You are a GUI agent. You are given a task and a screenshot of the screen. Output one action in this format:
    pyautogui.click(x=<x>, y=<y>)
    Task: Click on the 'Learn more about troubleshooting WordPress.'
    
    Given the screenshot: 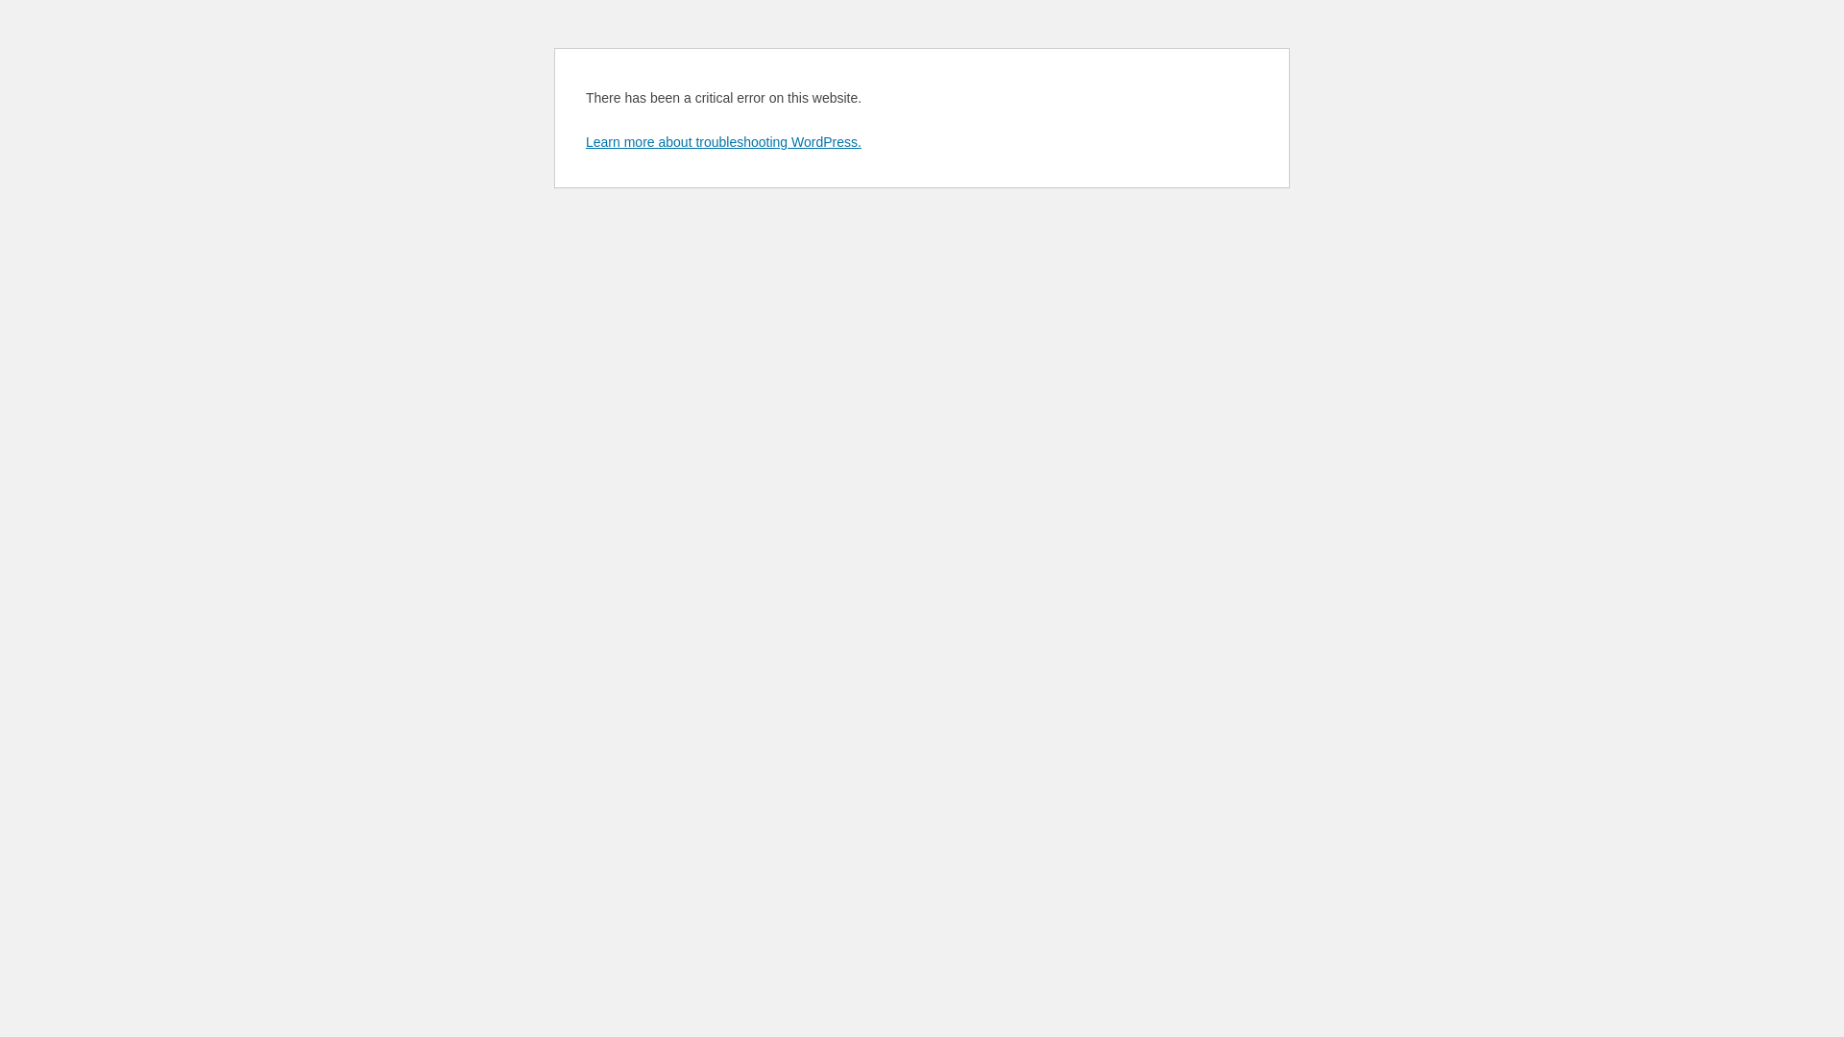 What is the action you would take?
    pyautogui.click(x=722, y=140)
    